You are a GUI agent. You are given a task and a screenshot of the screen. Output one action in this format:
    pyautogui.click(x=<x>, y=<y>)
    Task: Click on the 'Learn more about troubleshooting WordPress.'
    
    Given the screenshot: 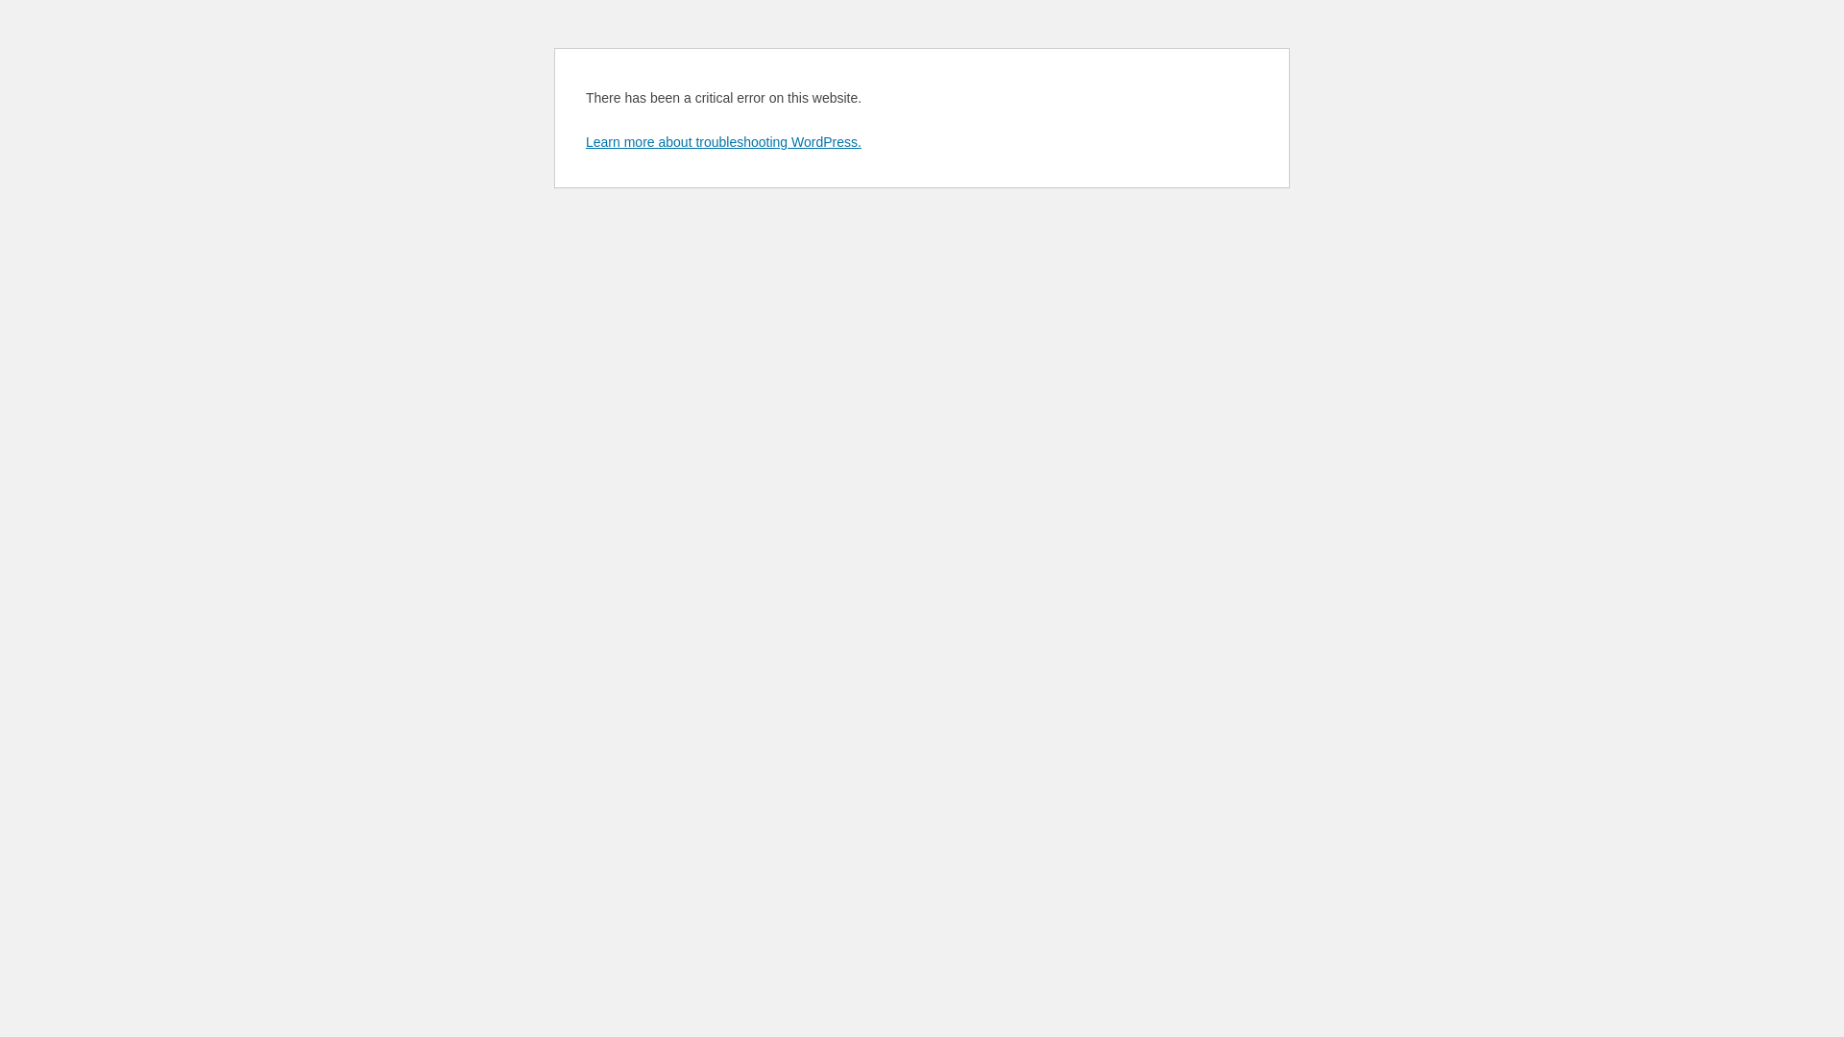 What is the action you would take?
    pyautogui.click(x=722, y=140)
    